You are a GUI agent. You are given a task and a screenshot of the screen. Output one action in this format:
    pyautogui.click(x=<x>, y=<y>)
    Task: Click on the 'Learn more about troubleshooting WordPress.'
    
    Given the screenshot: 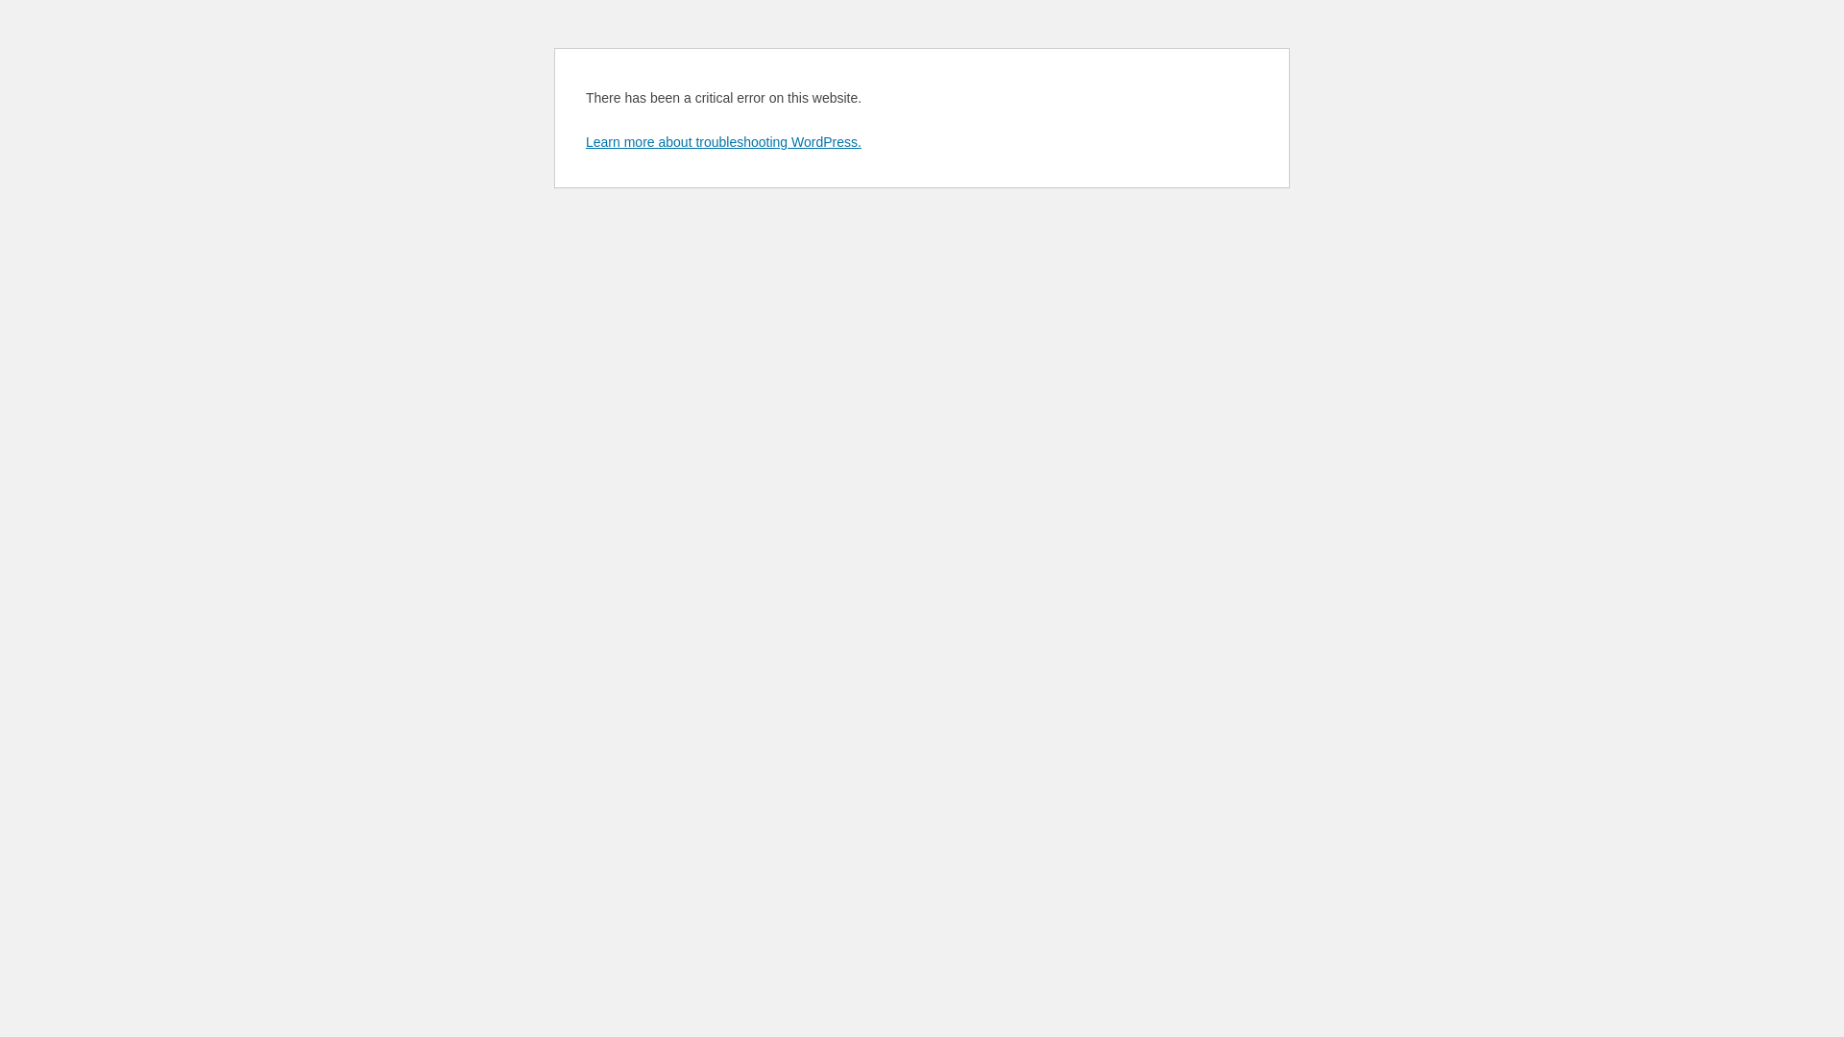 What is the action you would take?
    pyautogui.click(x=722, y=140)
    